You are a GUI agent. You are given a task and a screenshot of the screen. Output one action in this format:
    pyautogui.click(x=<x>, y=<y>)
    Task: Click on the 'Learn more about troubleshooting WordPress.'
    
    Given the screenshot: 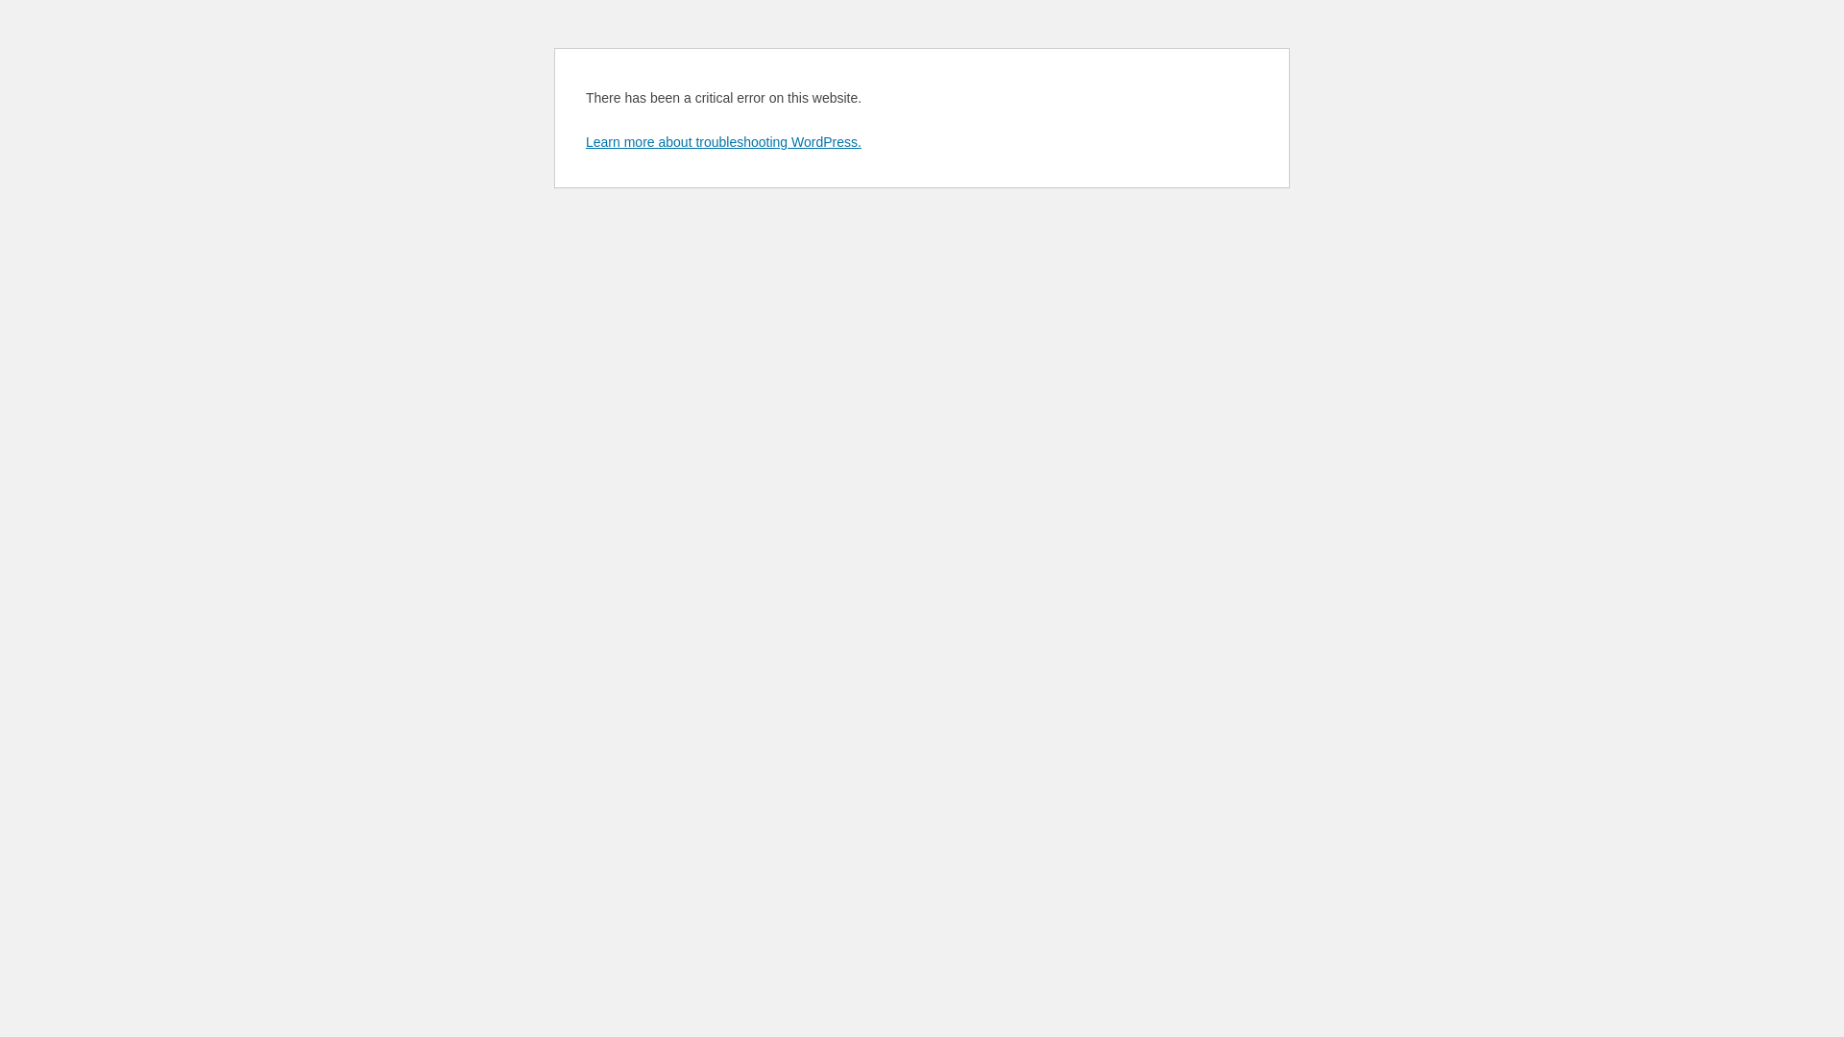 What is the action you would take?
    pyautogui.click(x=722, y=140)
    